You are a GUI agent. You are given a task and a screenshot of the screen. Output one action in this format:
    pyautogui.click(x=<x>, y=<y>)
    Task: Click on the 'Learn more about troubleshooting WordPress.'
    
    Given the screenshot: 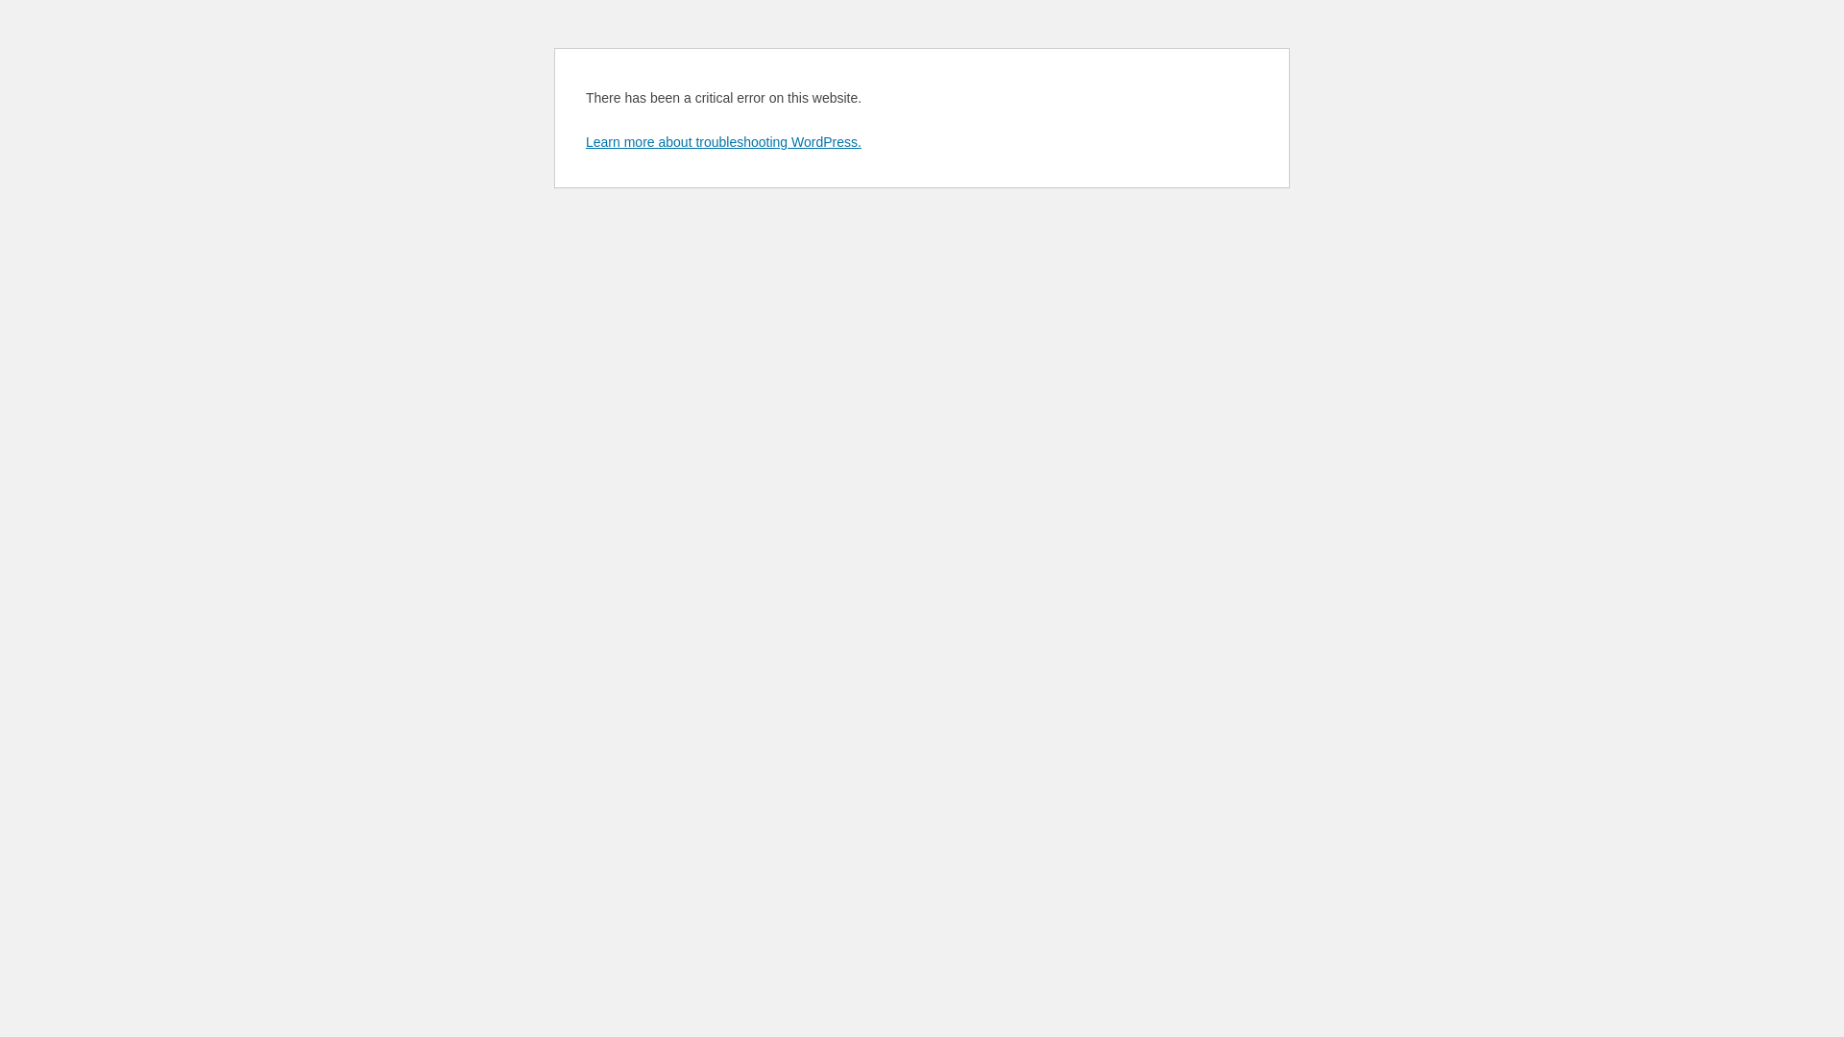 What is the action you would take?
    pyautogui.click(x=722, y=140)
    